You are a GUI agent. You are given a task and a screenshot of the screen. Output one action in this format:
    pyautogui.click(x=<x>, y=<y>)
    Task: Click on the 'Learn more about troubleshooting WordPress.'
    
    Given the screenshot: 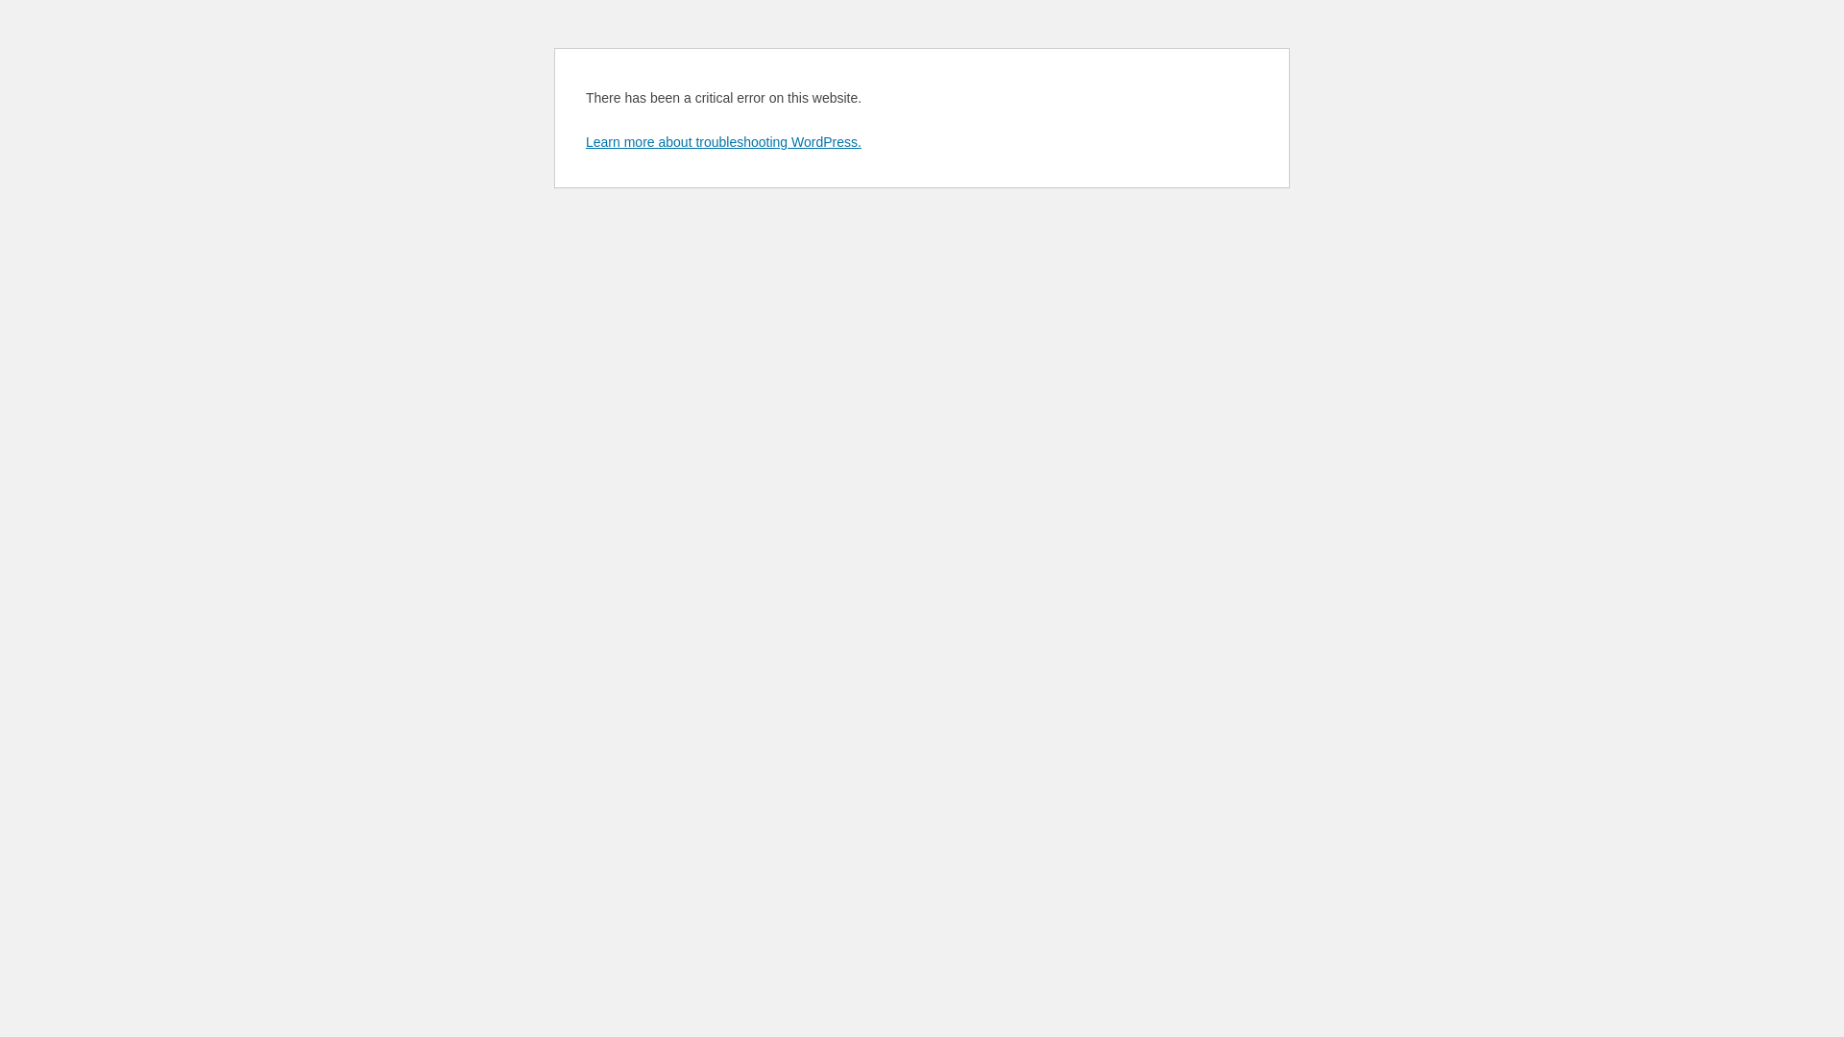 What is the action you would take?
    pyautogui.click(x=722, y=140)
    